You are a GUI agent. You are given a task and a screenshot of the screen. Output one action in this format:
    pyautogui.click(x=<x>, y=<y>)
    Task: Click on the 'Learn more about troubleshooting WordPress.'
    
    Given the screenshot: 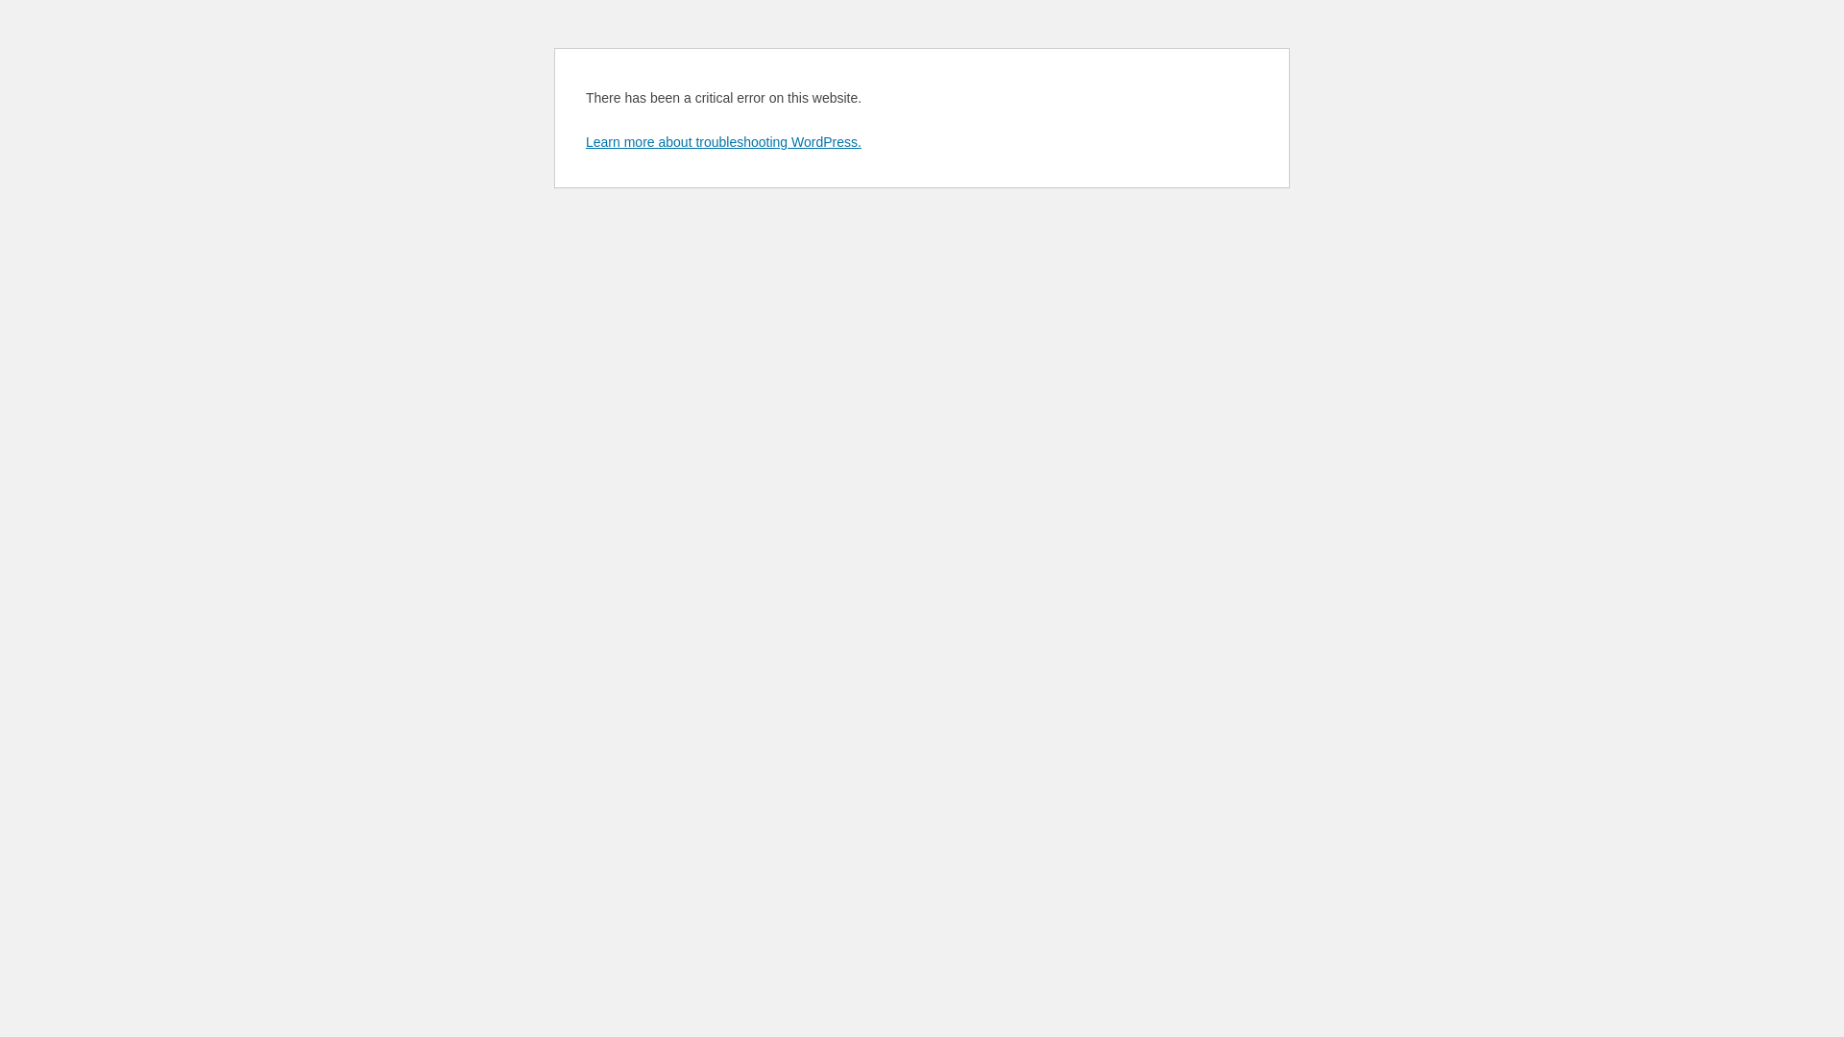 What is the action you would take?
    pyautogui.click(x=722, y=140)
    